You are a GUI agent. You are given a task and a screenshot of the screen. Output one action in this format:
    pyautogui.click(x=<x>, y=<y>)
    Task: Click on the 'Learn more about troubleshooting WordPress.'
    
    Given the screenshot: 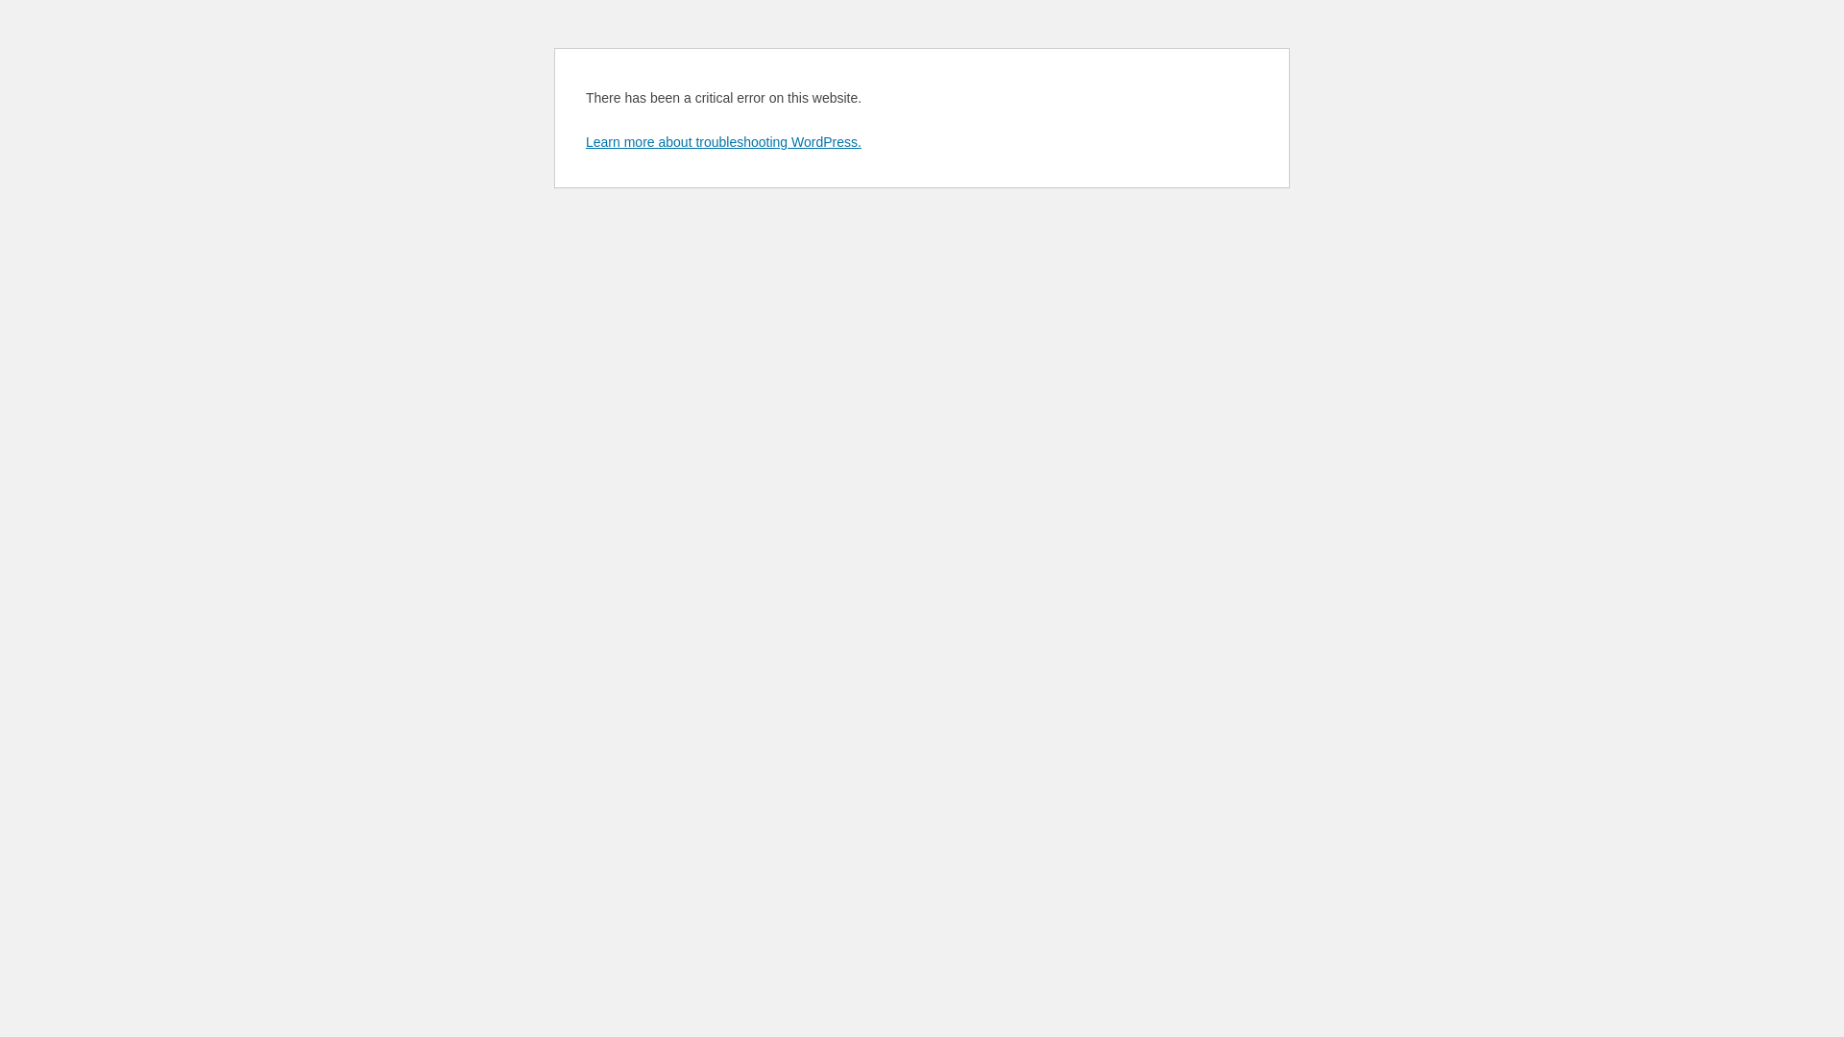 What is the action you would take?
    pyautogui.click(x=722, y=140)
    